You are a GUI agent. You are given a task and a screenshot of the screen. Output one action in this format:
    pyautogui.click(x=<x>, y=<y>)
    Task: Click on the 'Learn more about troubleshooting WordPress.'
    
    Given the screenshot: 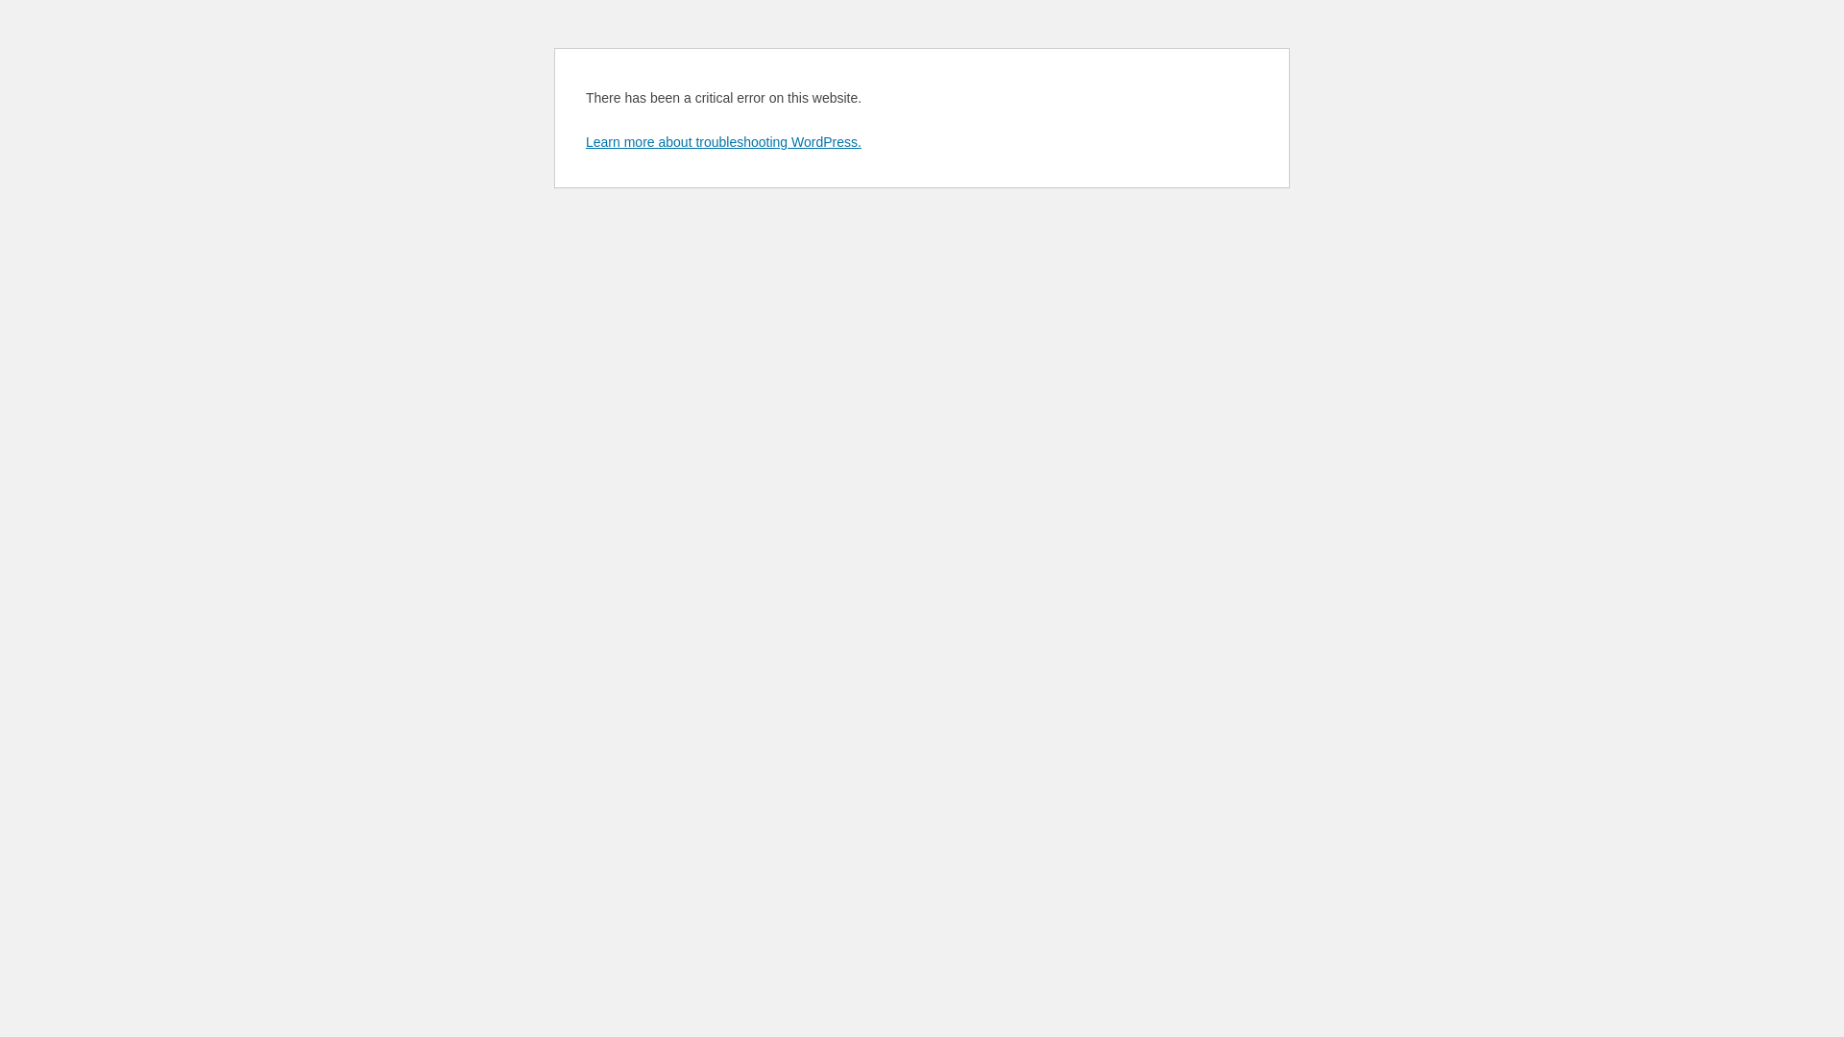 What is the action you would take?
    pyautogui.click(x=722, y=140)
    